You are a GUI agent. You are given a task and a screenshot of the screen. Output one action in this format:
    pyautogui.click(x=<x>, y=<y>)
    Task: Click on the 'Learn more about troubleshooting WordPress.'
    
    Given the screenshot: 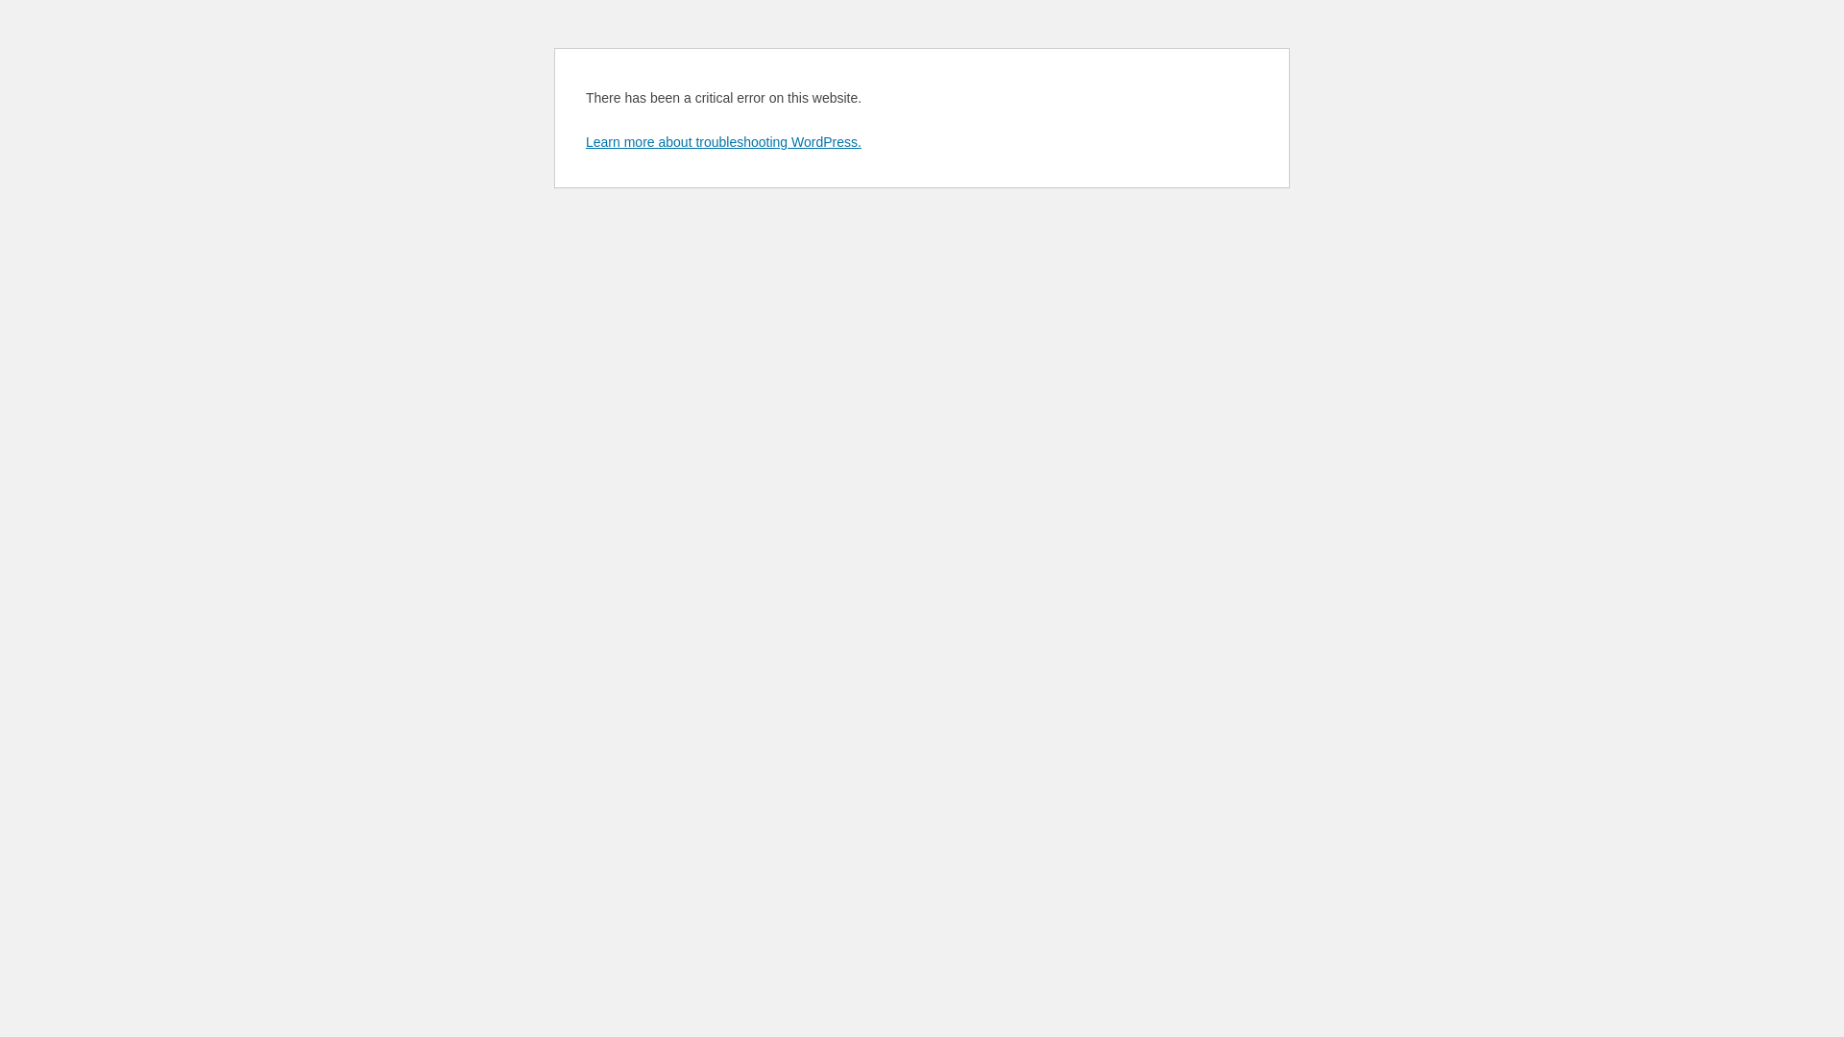 What is the action you would take?
    pyautogui.click(x=722, y=140)
    